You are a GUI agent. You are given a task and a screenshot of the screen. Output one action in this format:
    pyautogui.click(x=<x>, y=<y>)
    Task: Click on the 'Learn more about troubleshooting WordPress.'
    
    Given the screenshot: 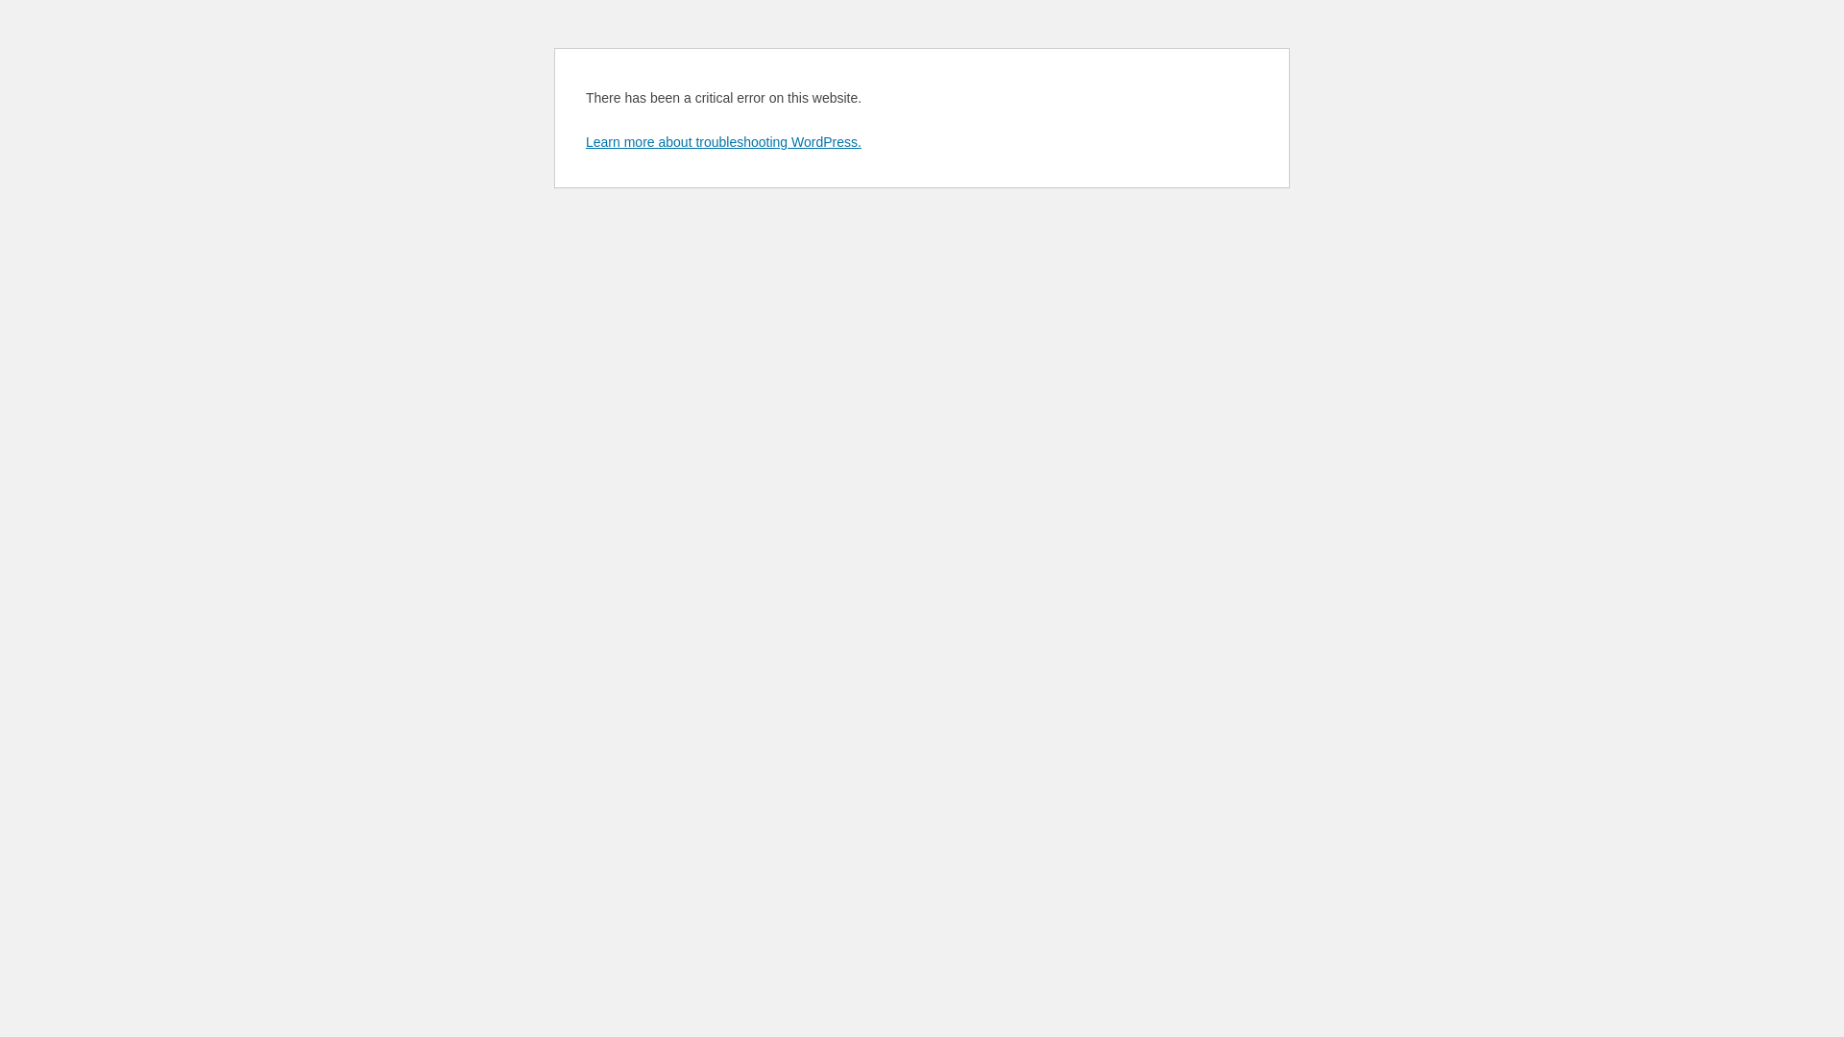 What is the action you would take?
    pyautogui.click(x=722, y=140)
    